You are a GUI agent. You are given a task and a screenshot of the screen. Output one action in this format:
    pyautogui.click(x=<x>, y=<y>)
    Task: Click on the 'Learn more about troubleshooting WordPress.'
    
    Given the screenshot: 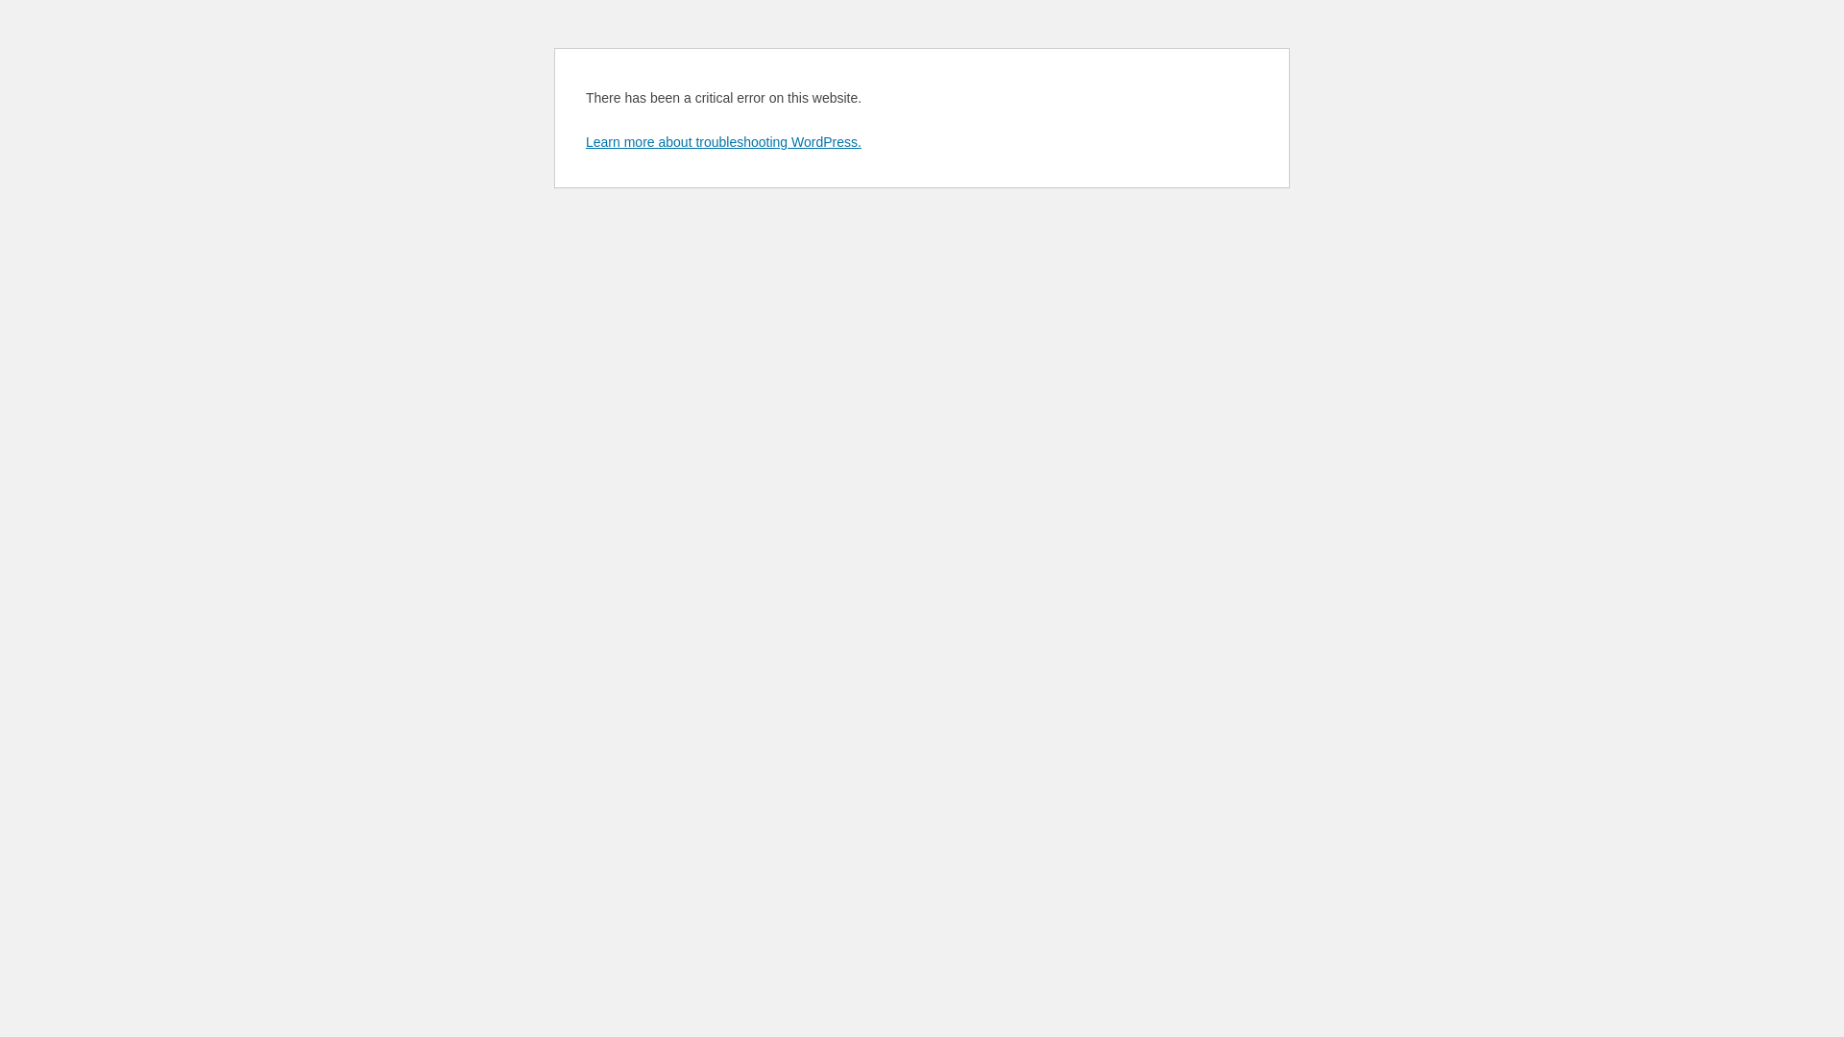 What is the action you would take?
    pyautogui.click(x=722, y=140)
    